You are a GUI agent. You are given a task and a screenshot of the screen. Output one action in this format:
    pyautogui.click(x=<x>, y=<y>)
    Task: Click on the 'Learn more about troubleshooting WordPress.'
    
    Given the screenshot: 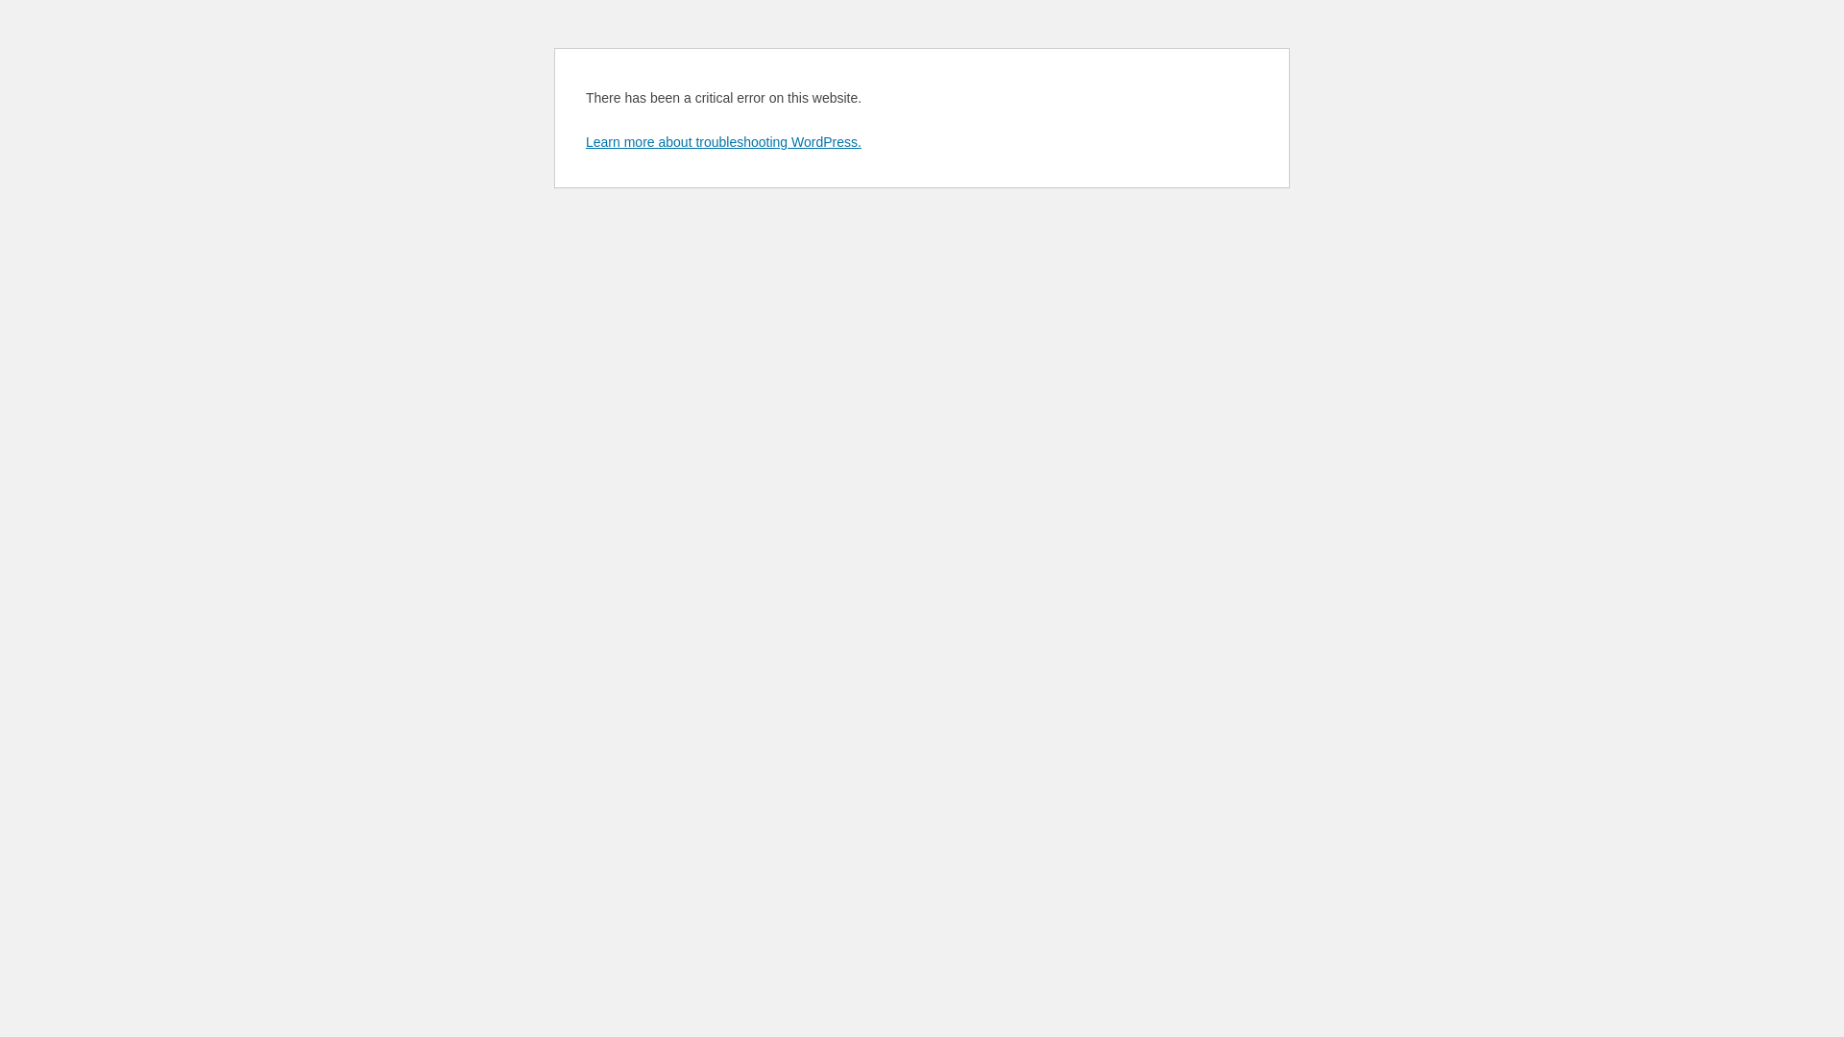 What is the action you would take?
    pyautogui.click(x=722, y=140)
    